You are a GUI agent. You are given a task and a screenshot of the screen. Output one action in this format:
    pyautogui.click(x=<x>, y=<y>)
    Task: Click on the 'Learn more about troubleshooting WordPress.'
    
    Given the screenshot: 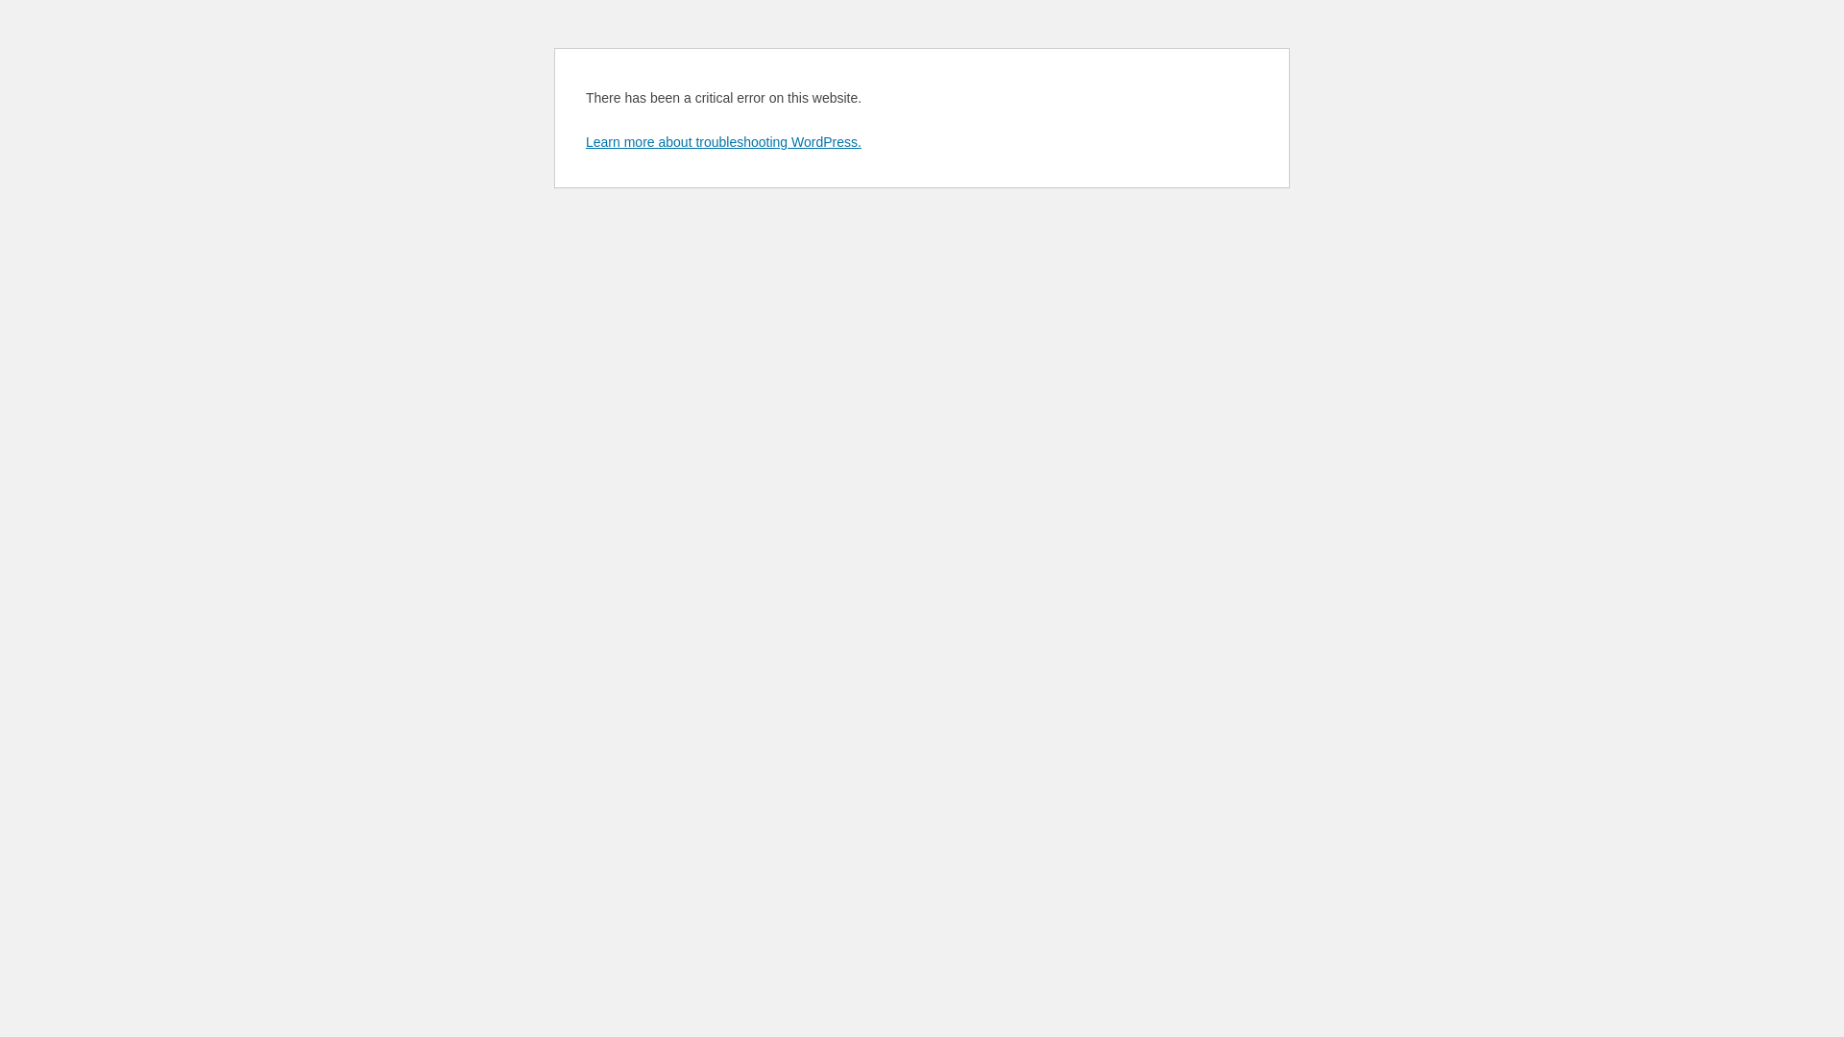 What is the action you would take?
    pyautogui.click(x=722, y=140)
    